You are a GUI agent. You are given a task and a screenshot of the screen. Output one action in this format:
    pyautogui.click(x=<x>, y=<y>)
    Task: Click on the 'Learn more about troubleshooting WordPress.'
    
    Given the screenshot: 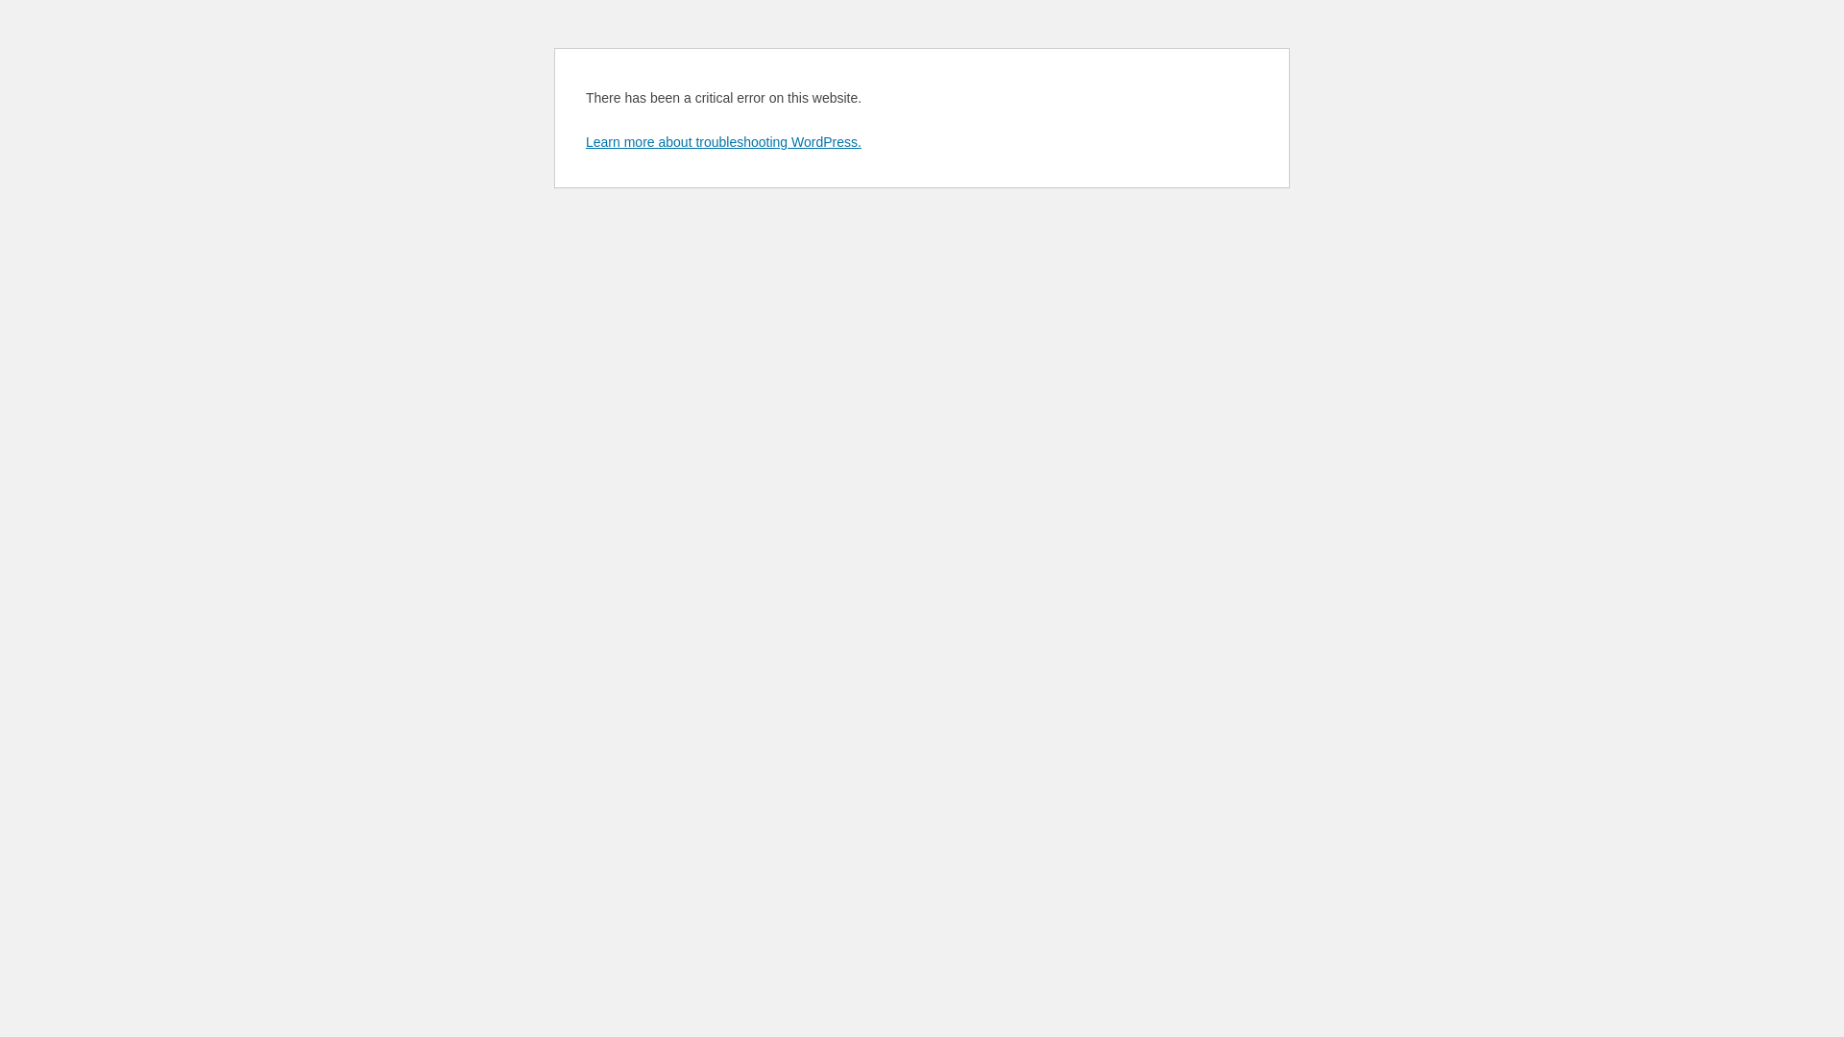 What is the action you would take?
    pyautogui.click(x=722, y=140)
    